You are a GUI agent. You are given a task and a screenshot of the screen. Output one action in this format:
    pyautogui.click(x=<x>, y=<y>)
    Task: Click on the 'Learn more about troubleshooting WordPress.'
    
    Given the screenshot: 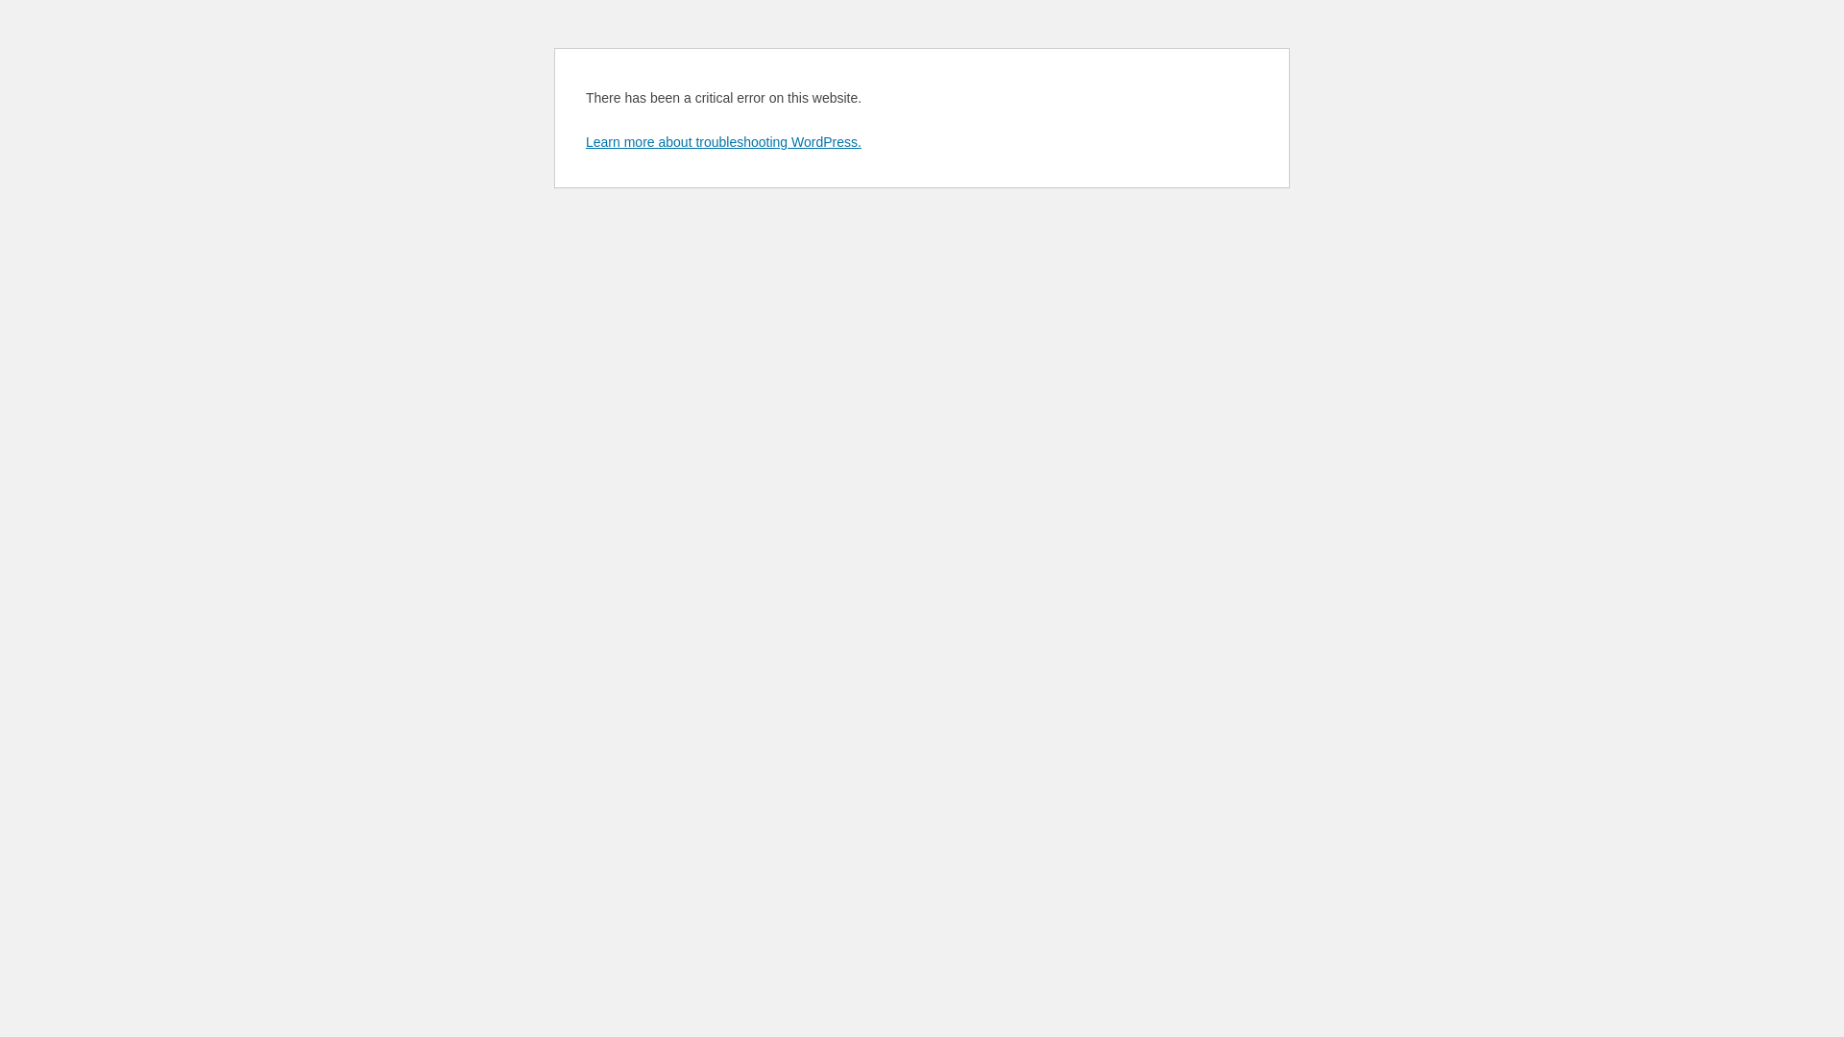 What is the action you would take?
    pyautogui.click(x=722, y=140)
    